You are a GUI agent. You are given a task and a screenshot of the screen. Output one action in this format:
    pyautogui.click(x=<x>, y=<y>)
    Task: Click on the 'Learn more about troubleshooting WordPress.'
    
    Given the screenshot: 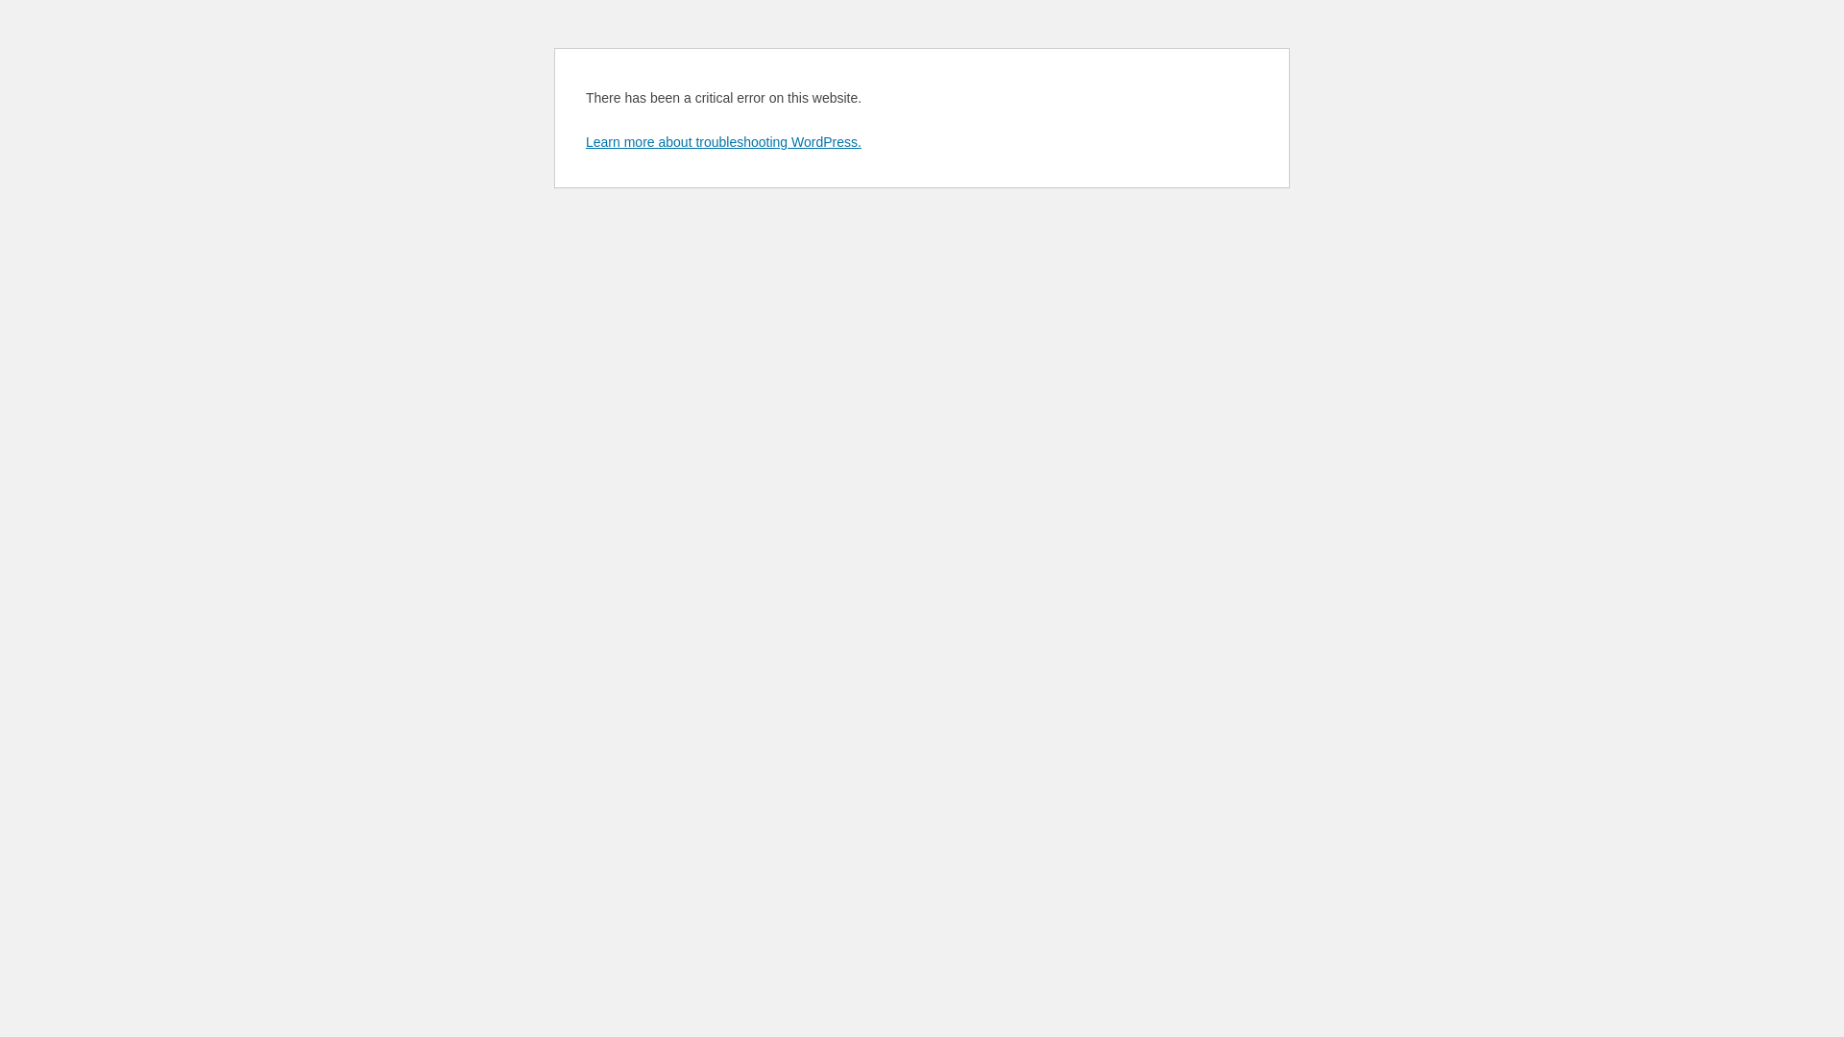 What is the action you would take?
    pyautogui.click(x=722, y=140)
    